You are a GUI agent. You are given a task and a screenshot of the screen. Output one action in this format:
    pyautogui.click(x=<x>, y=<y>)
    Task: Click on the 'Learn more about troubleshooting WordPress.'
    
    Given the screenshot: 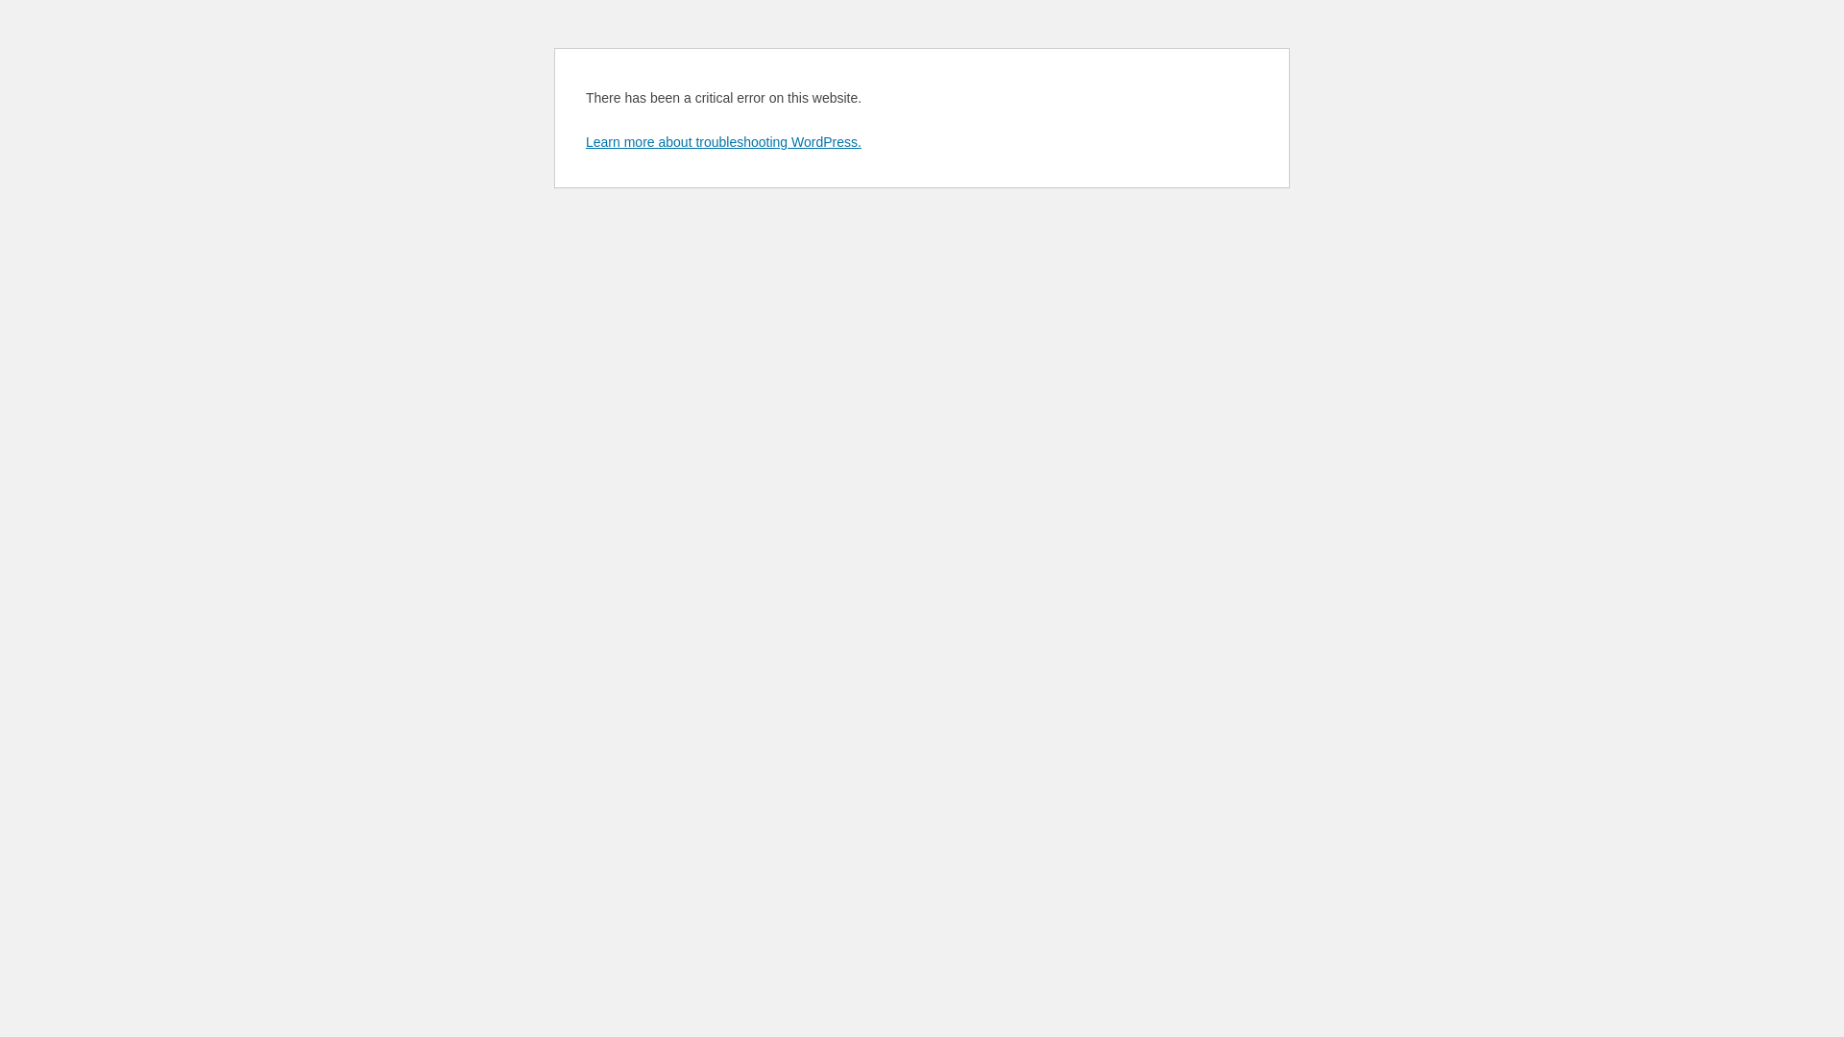 What is the action you would take?
    pyautogui.click(x=722, y=140)
    